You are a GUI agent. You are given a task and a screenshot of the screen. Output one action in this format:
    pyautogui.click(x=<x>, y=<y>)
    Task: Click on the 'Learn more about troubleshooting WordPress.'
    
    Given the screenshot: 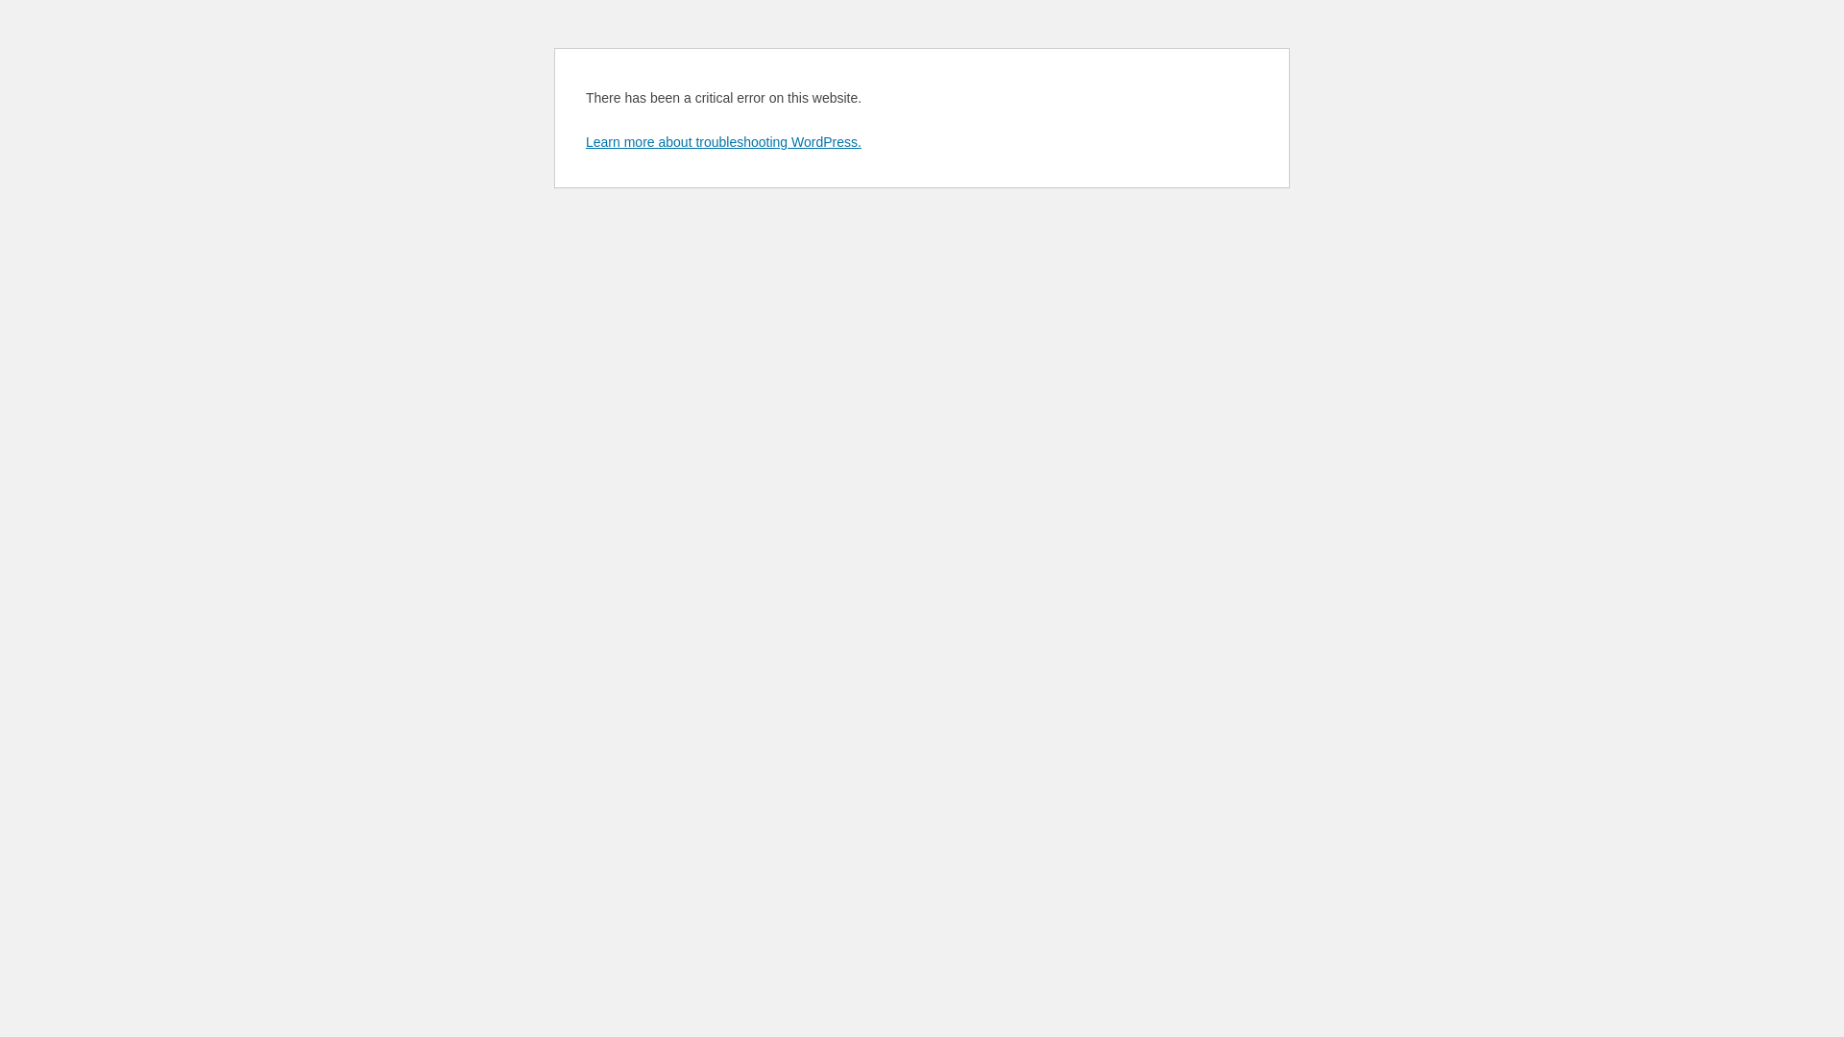 What is the action you would take?
    pyautogui.click(x=722, y=140)
    